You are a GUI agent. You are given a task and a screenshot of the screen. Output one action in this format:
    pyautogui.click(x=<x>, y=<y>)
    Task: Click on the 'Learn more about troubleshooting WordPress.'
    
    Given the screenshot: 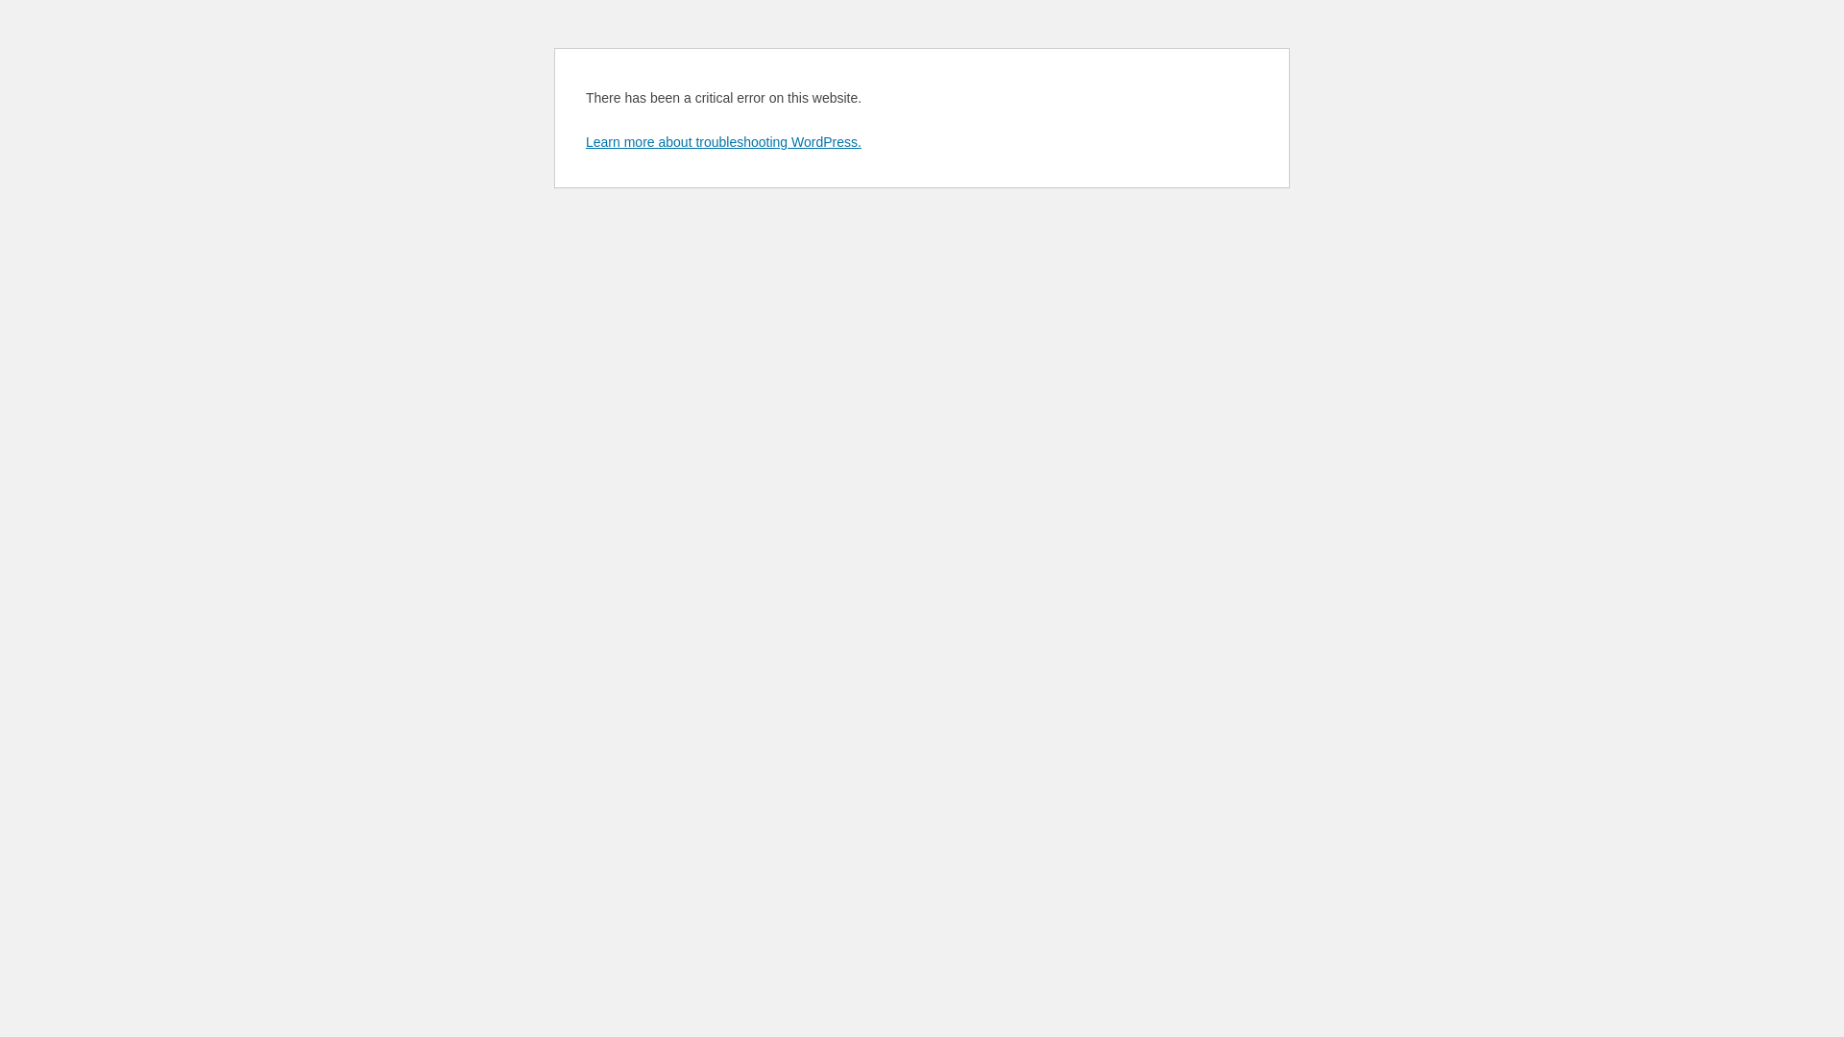 What is the action you would take?
    pyautogui.click(x=722, y=140)
    